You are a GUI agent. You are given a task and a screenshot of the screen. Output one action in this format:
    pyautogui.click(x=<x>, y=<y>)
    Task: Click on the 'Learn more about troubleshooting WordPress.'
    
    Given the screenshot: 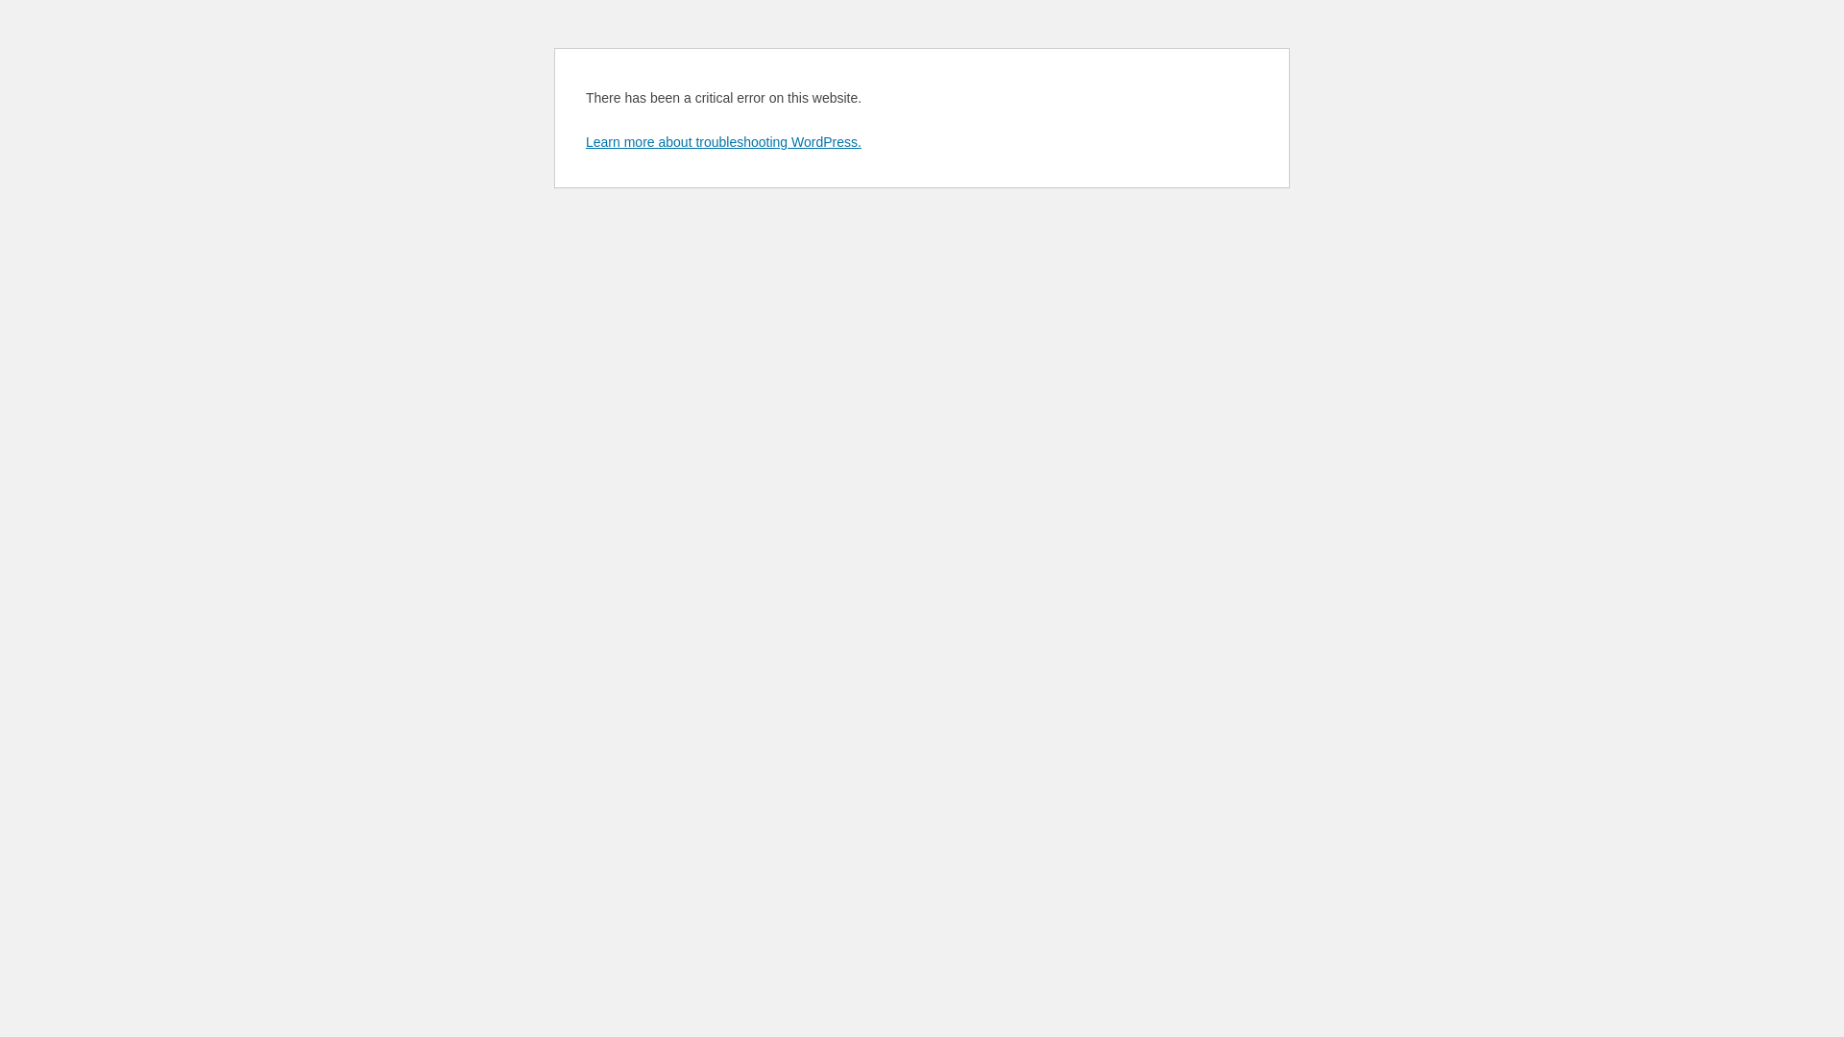 What is the action you would take?
    pyautogui.click(x=722, y=140)
    